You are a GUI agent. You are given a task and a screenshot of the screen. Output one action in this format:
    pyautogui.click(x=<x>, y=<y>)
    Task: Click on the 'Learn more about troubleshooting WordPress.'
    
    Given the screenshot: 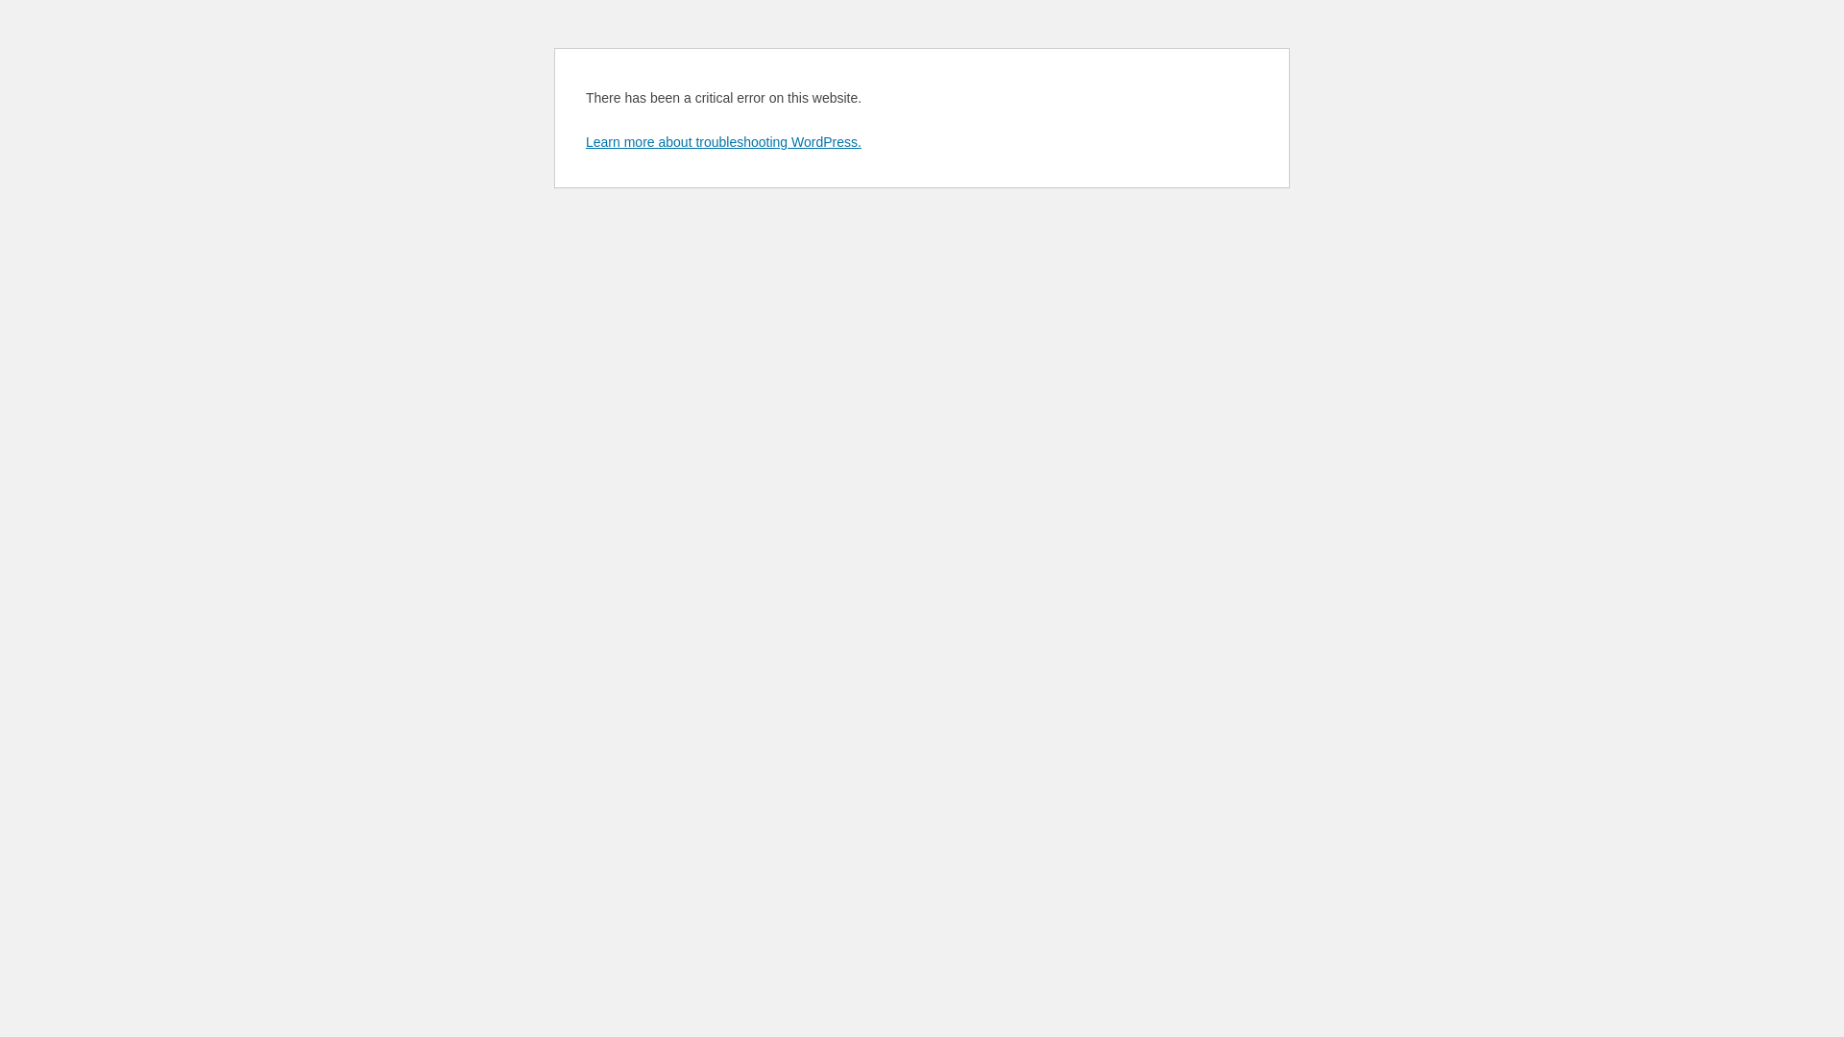 What is the action you would take?
    pyautogui.click(x=722, y=140)
    